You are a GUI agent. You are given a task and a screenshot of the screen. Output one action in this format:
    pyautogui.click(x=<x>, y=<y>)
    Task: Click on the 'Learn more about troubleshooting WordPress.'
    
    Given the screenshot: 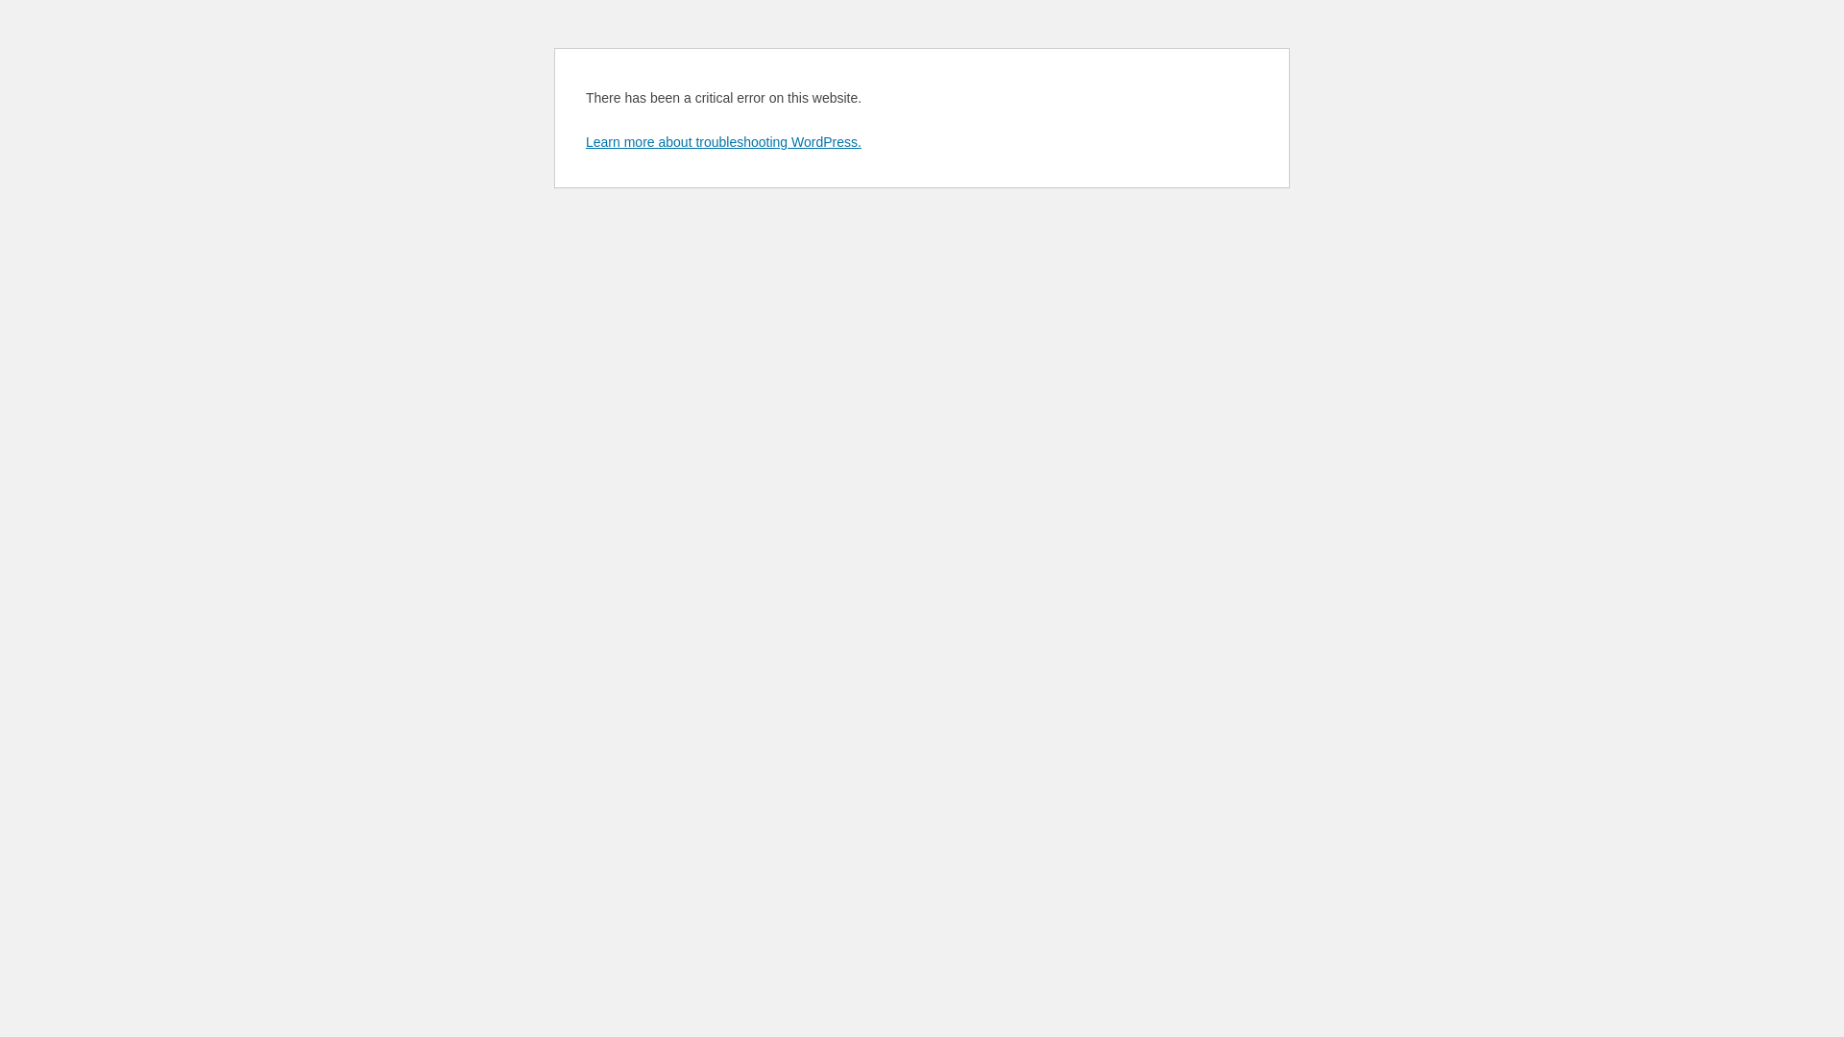 What is the action you would take?
    pyautogui.click(x=722, y=140)
    